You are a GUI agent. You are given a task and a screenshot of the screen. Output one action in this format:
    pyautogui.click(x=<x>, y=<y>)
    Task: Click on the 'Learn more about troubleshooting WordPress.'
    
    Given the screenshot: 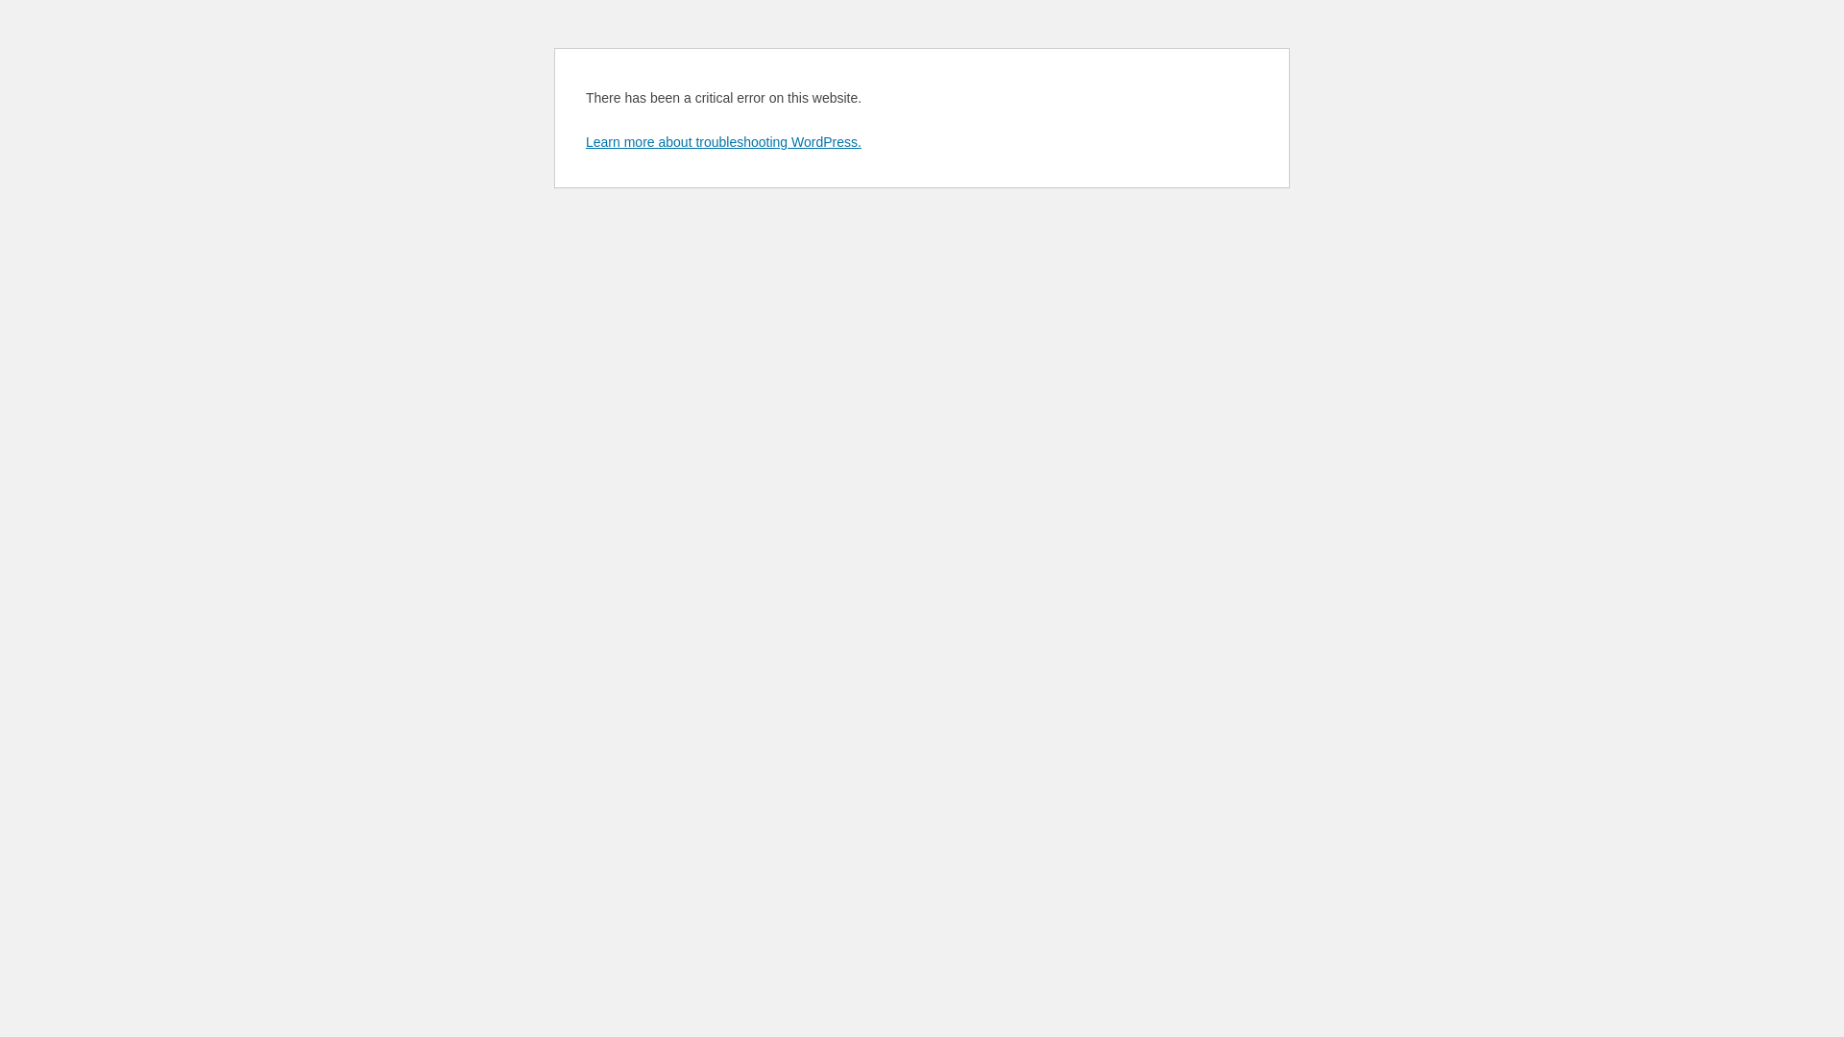 What is the action you would take?
    pyautogui.click(x=722, y=140)
    